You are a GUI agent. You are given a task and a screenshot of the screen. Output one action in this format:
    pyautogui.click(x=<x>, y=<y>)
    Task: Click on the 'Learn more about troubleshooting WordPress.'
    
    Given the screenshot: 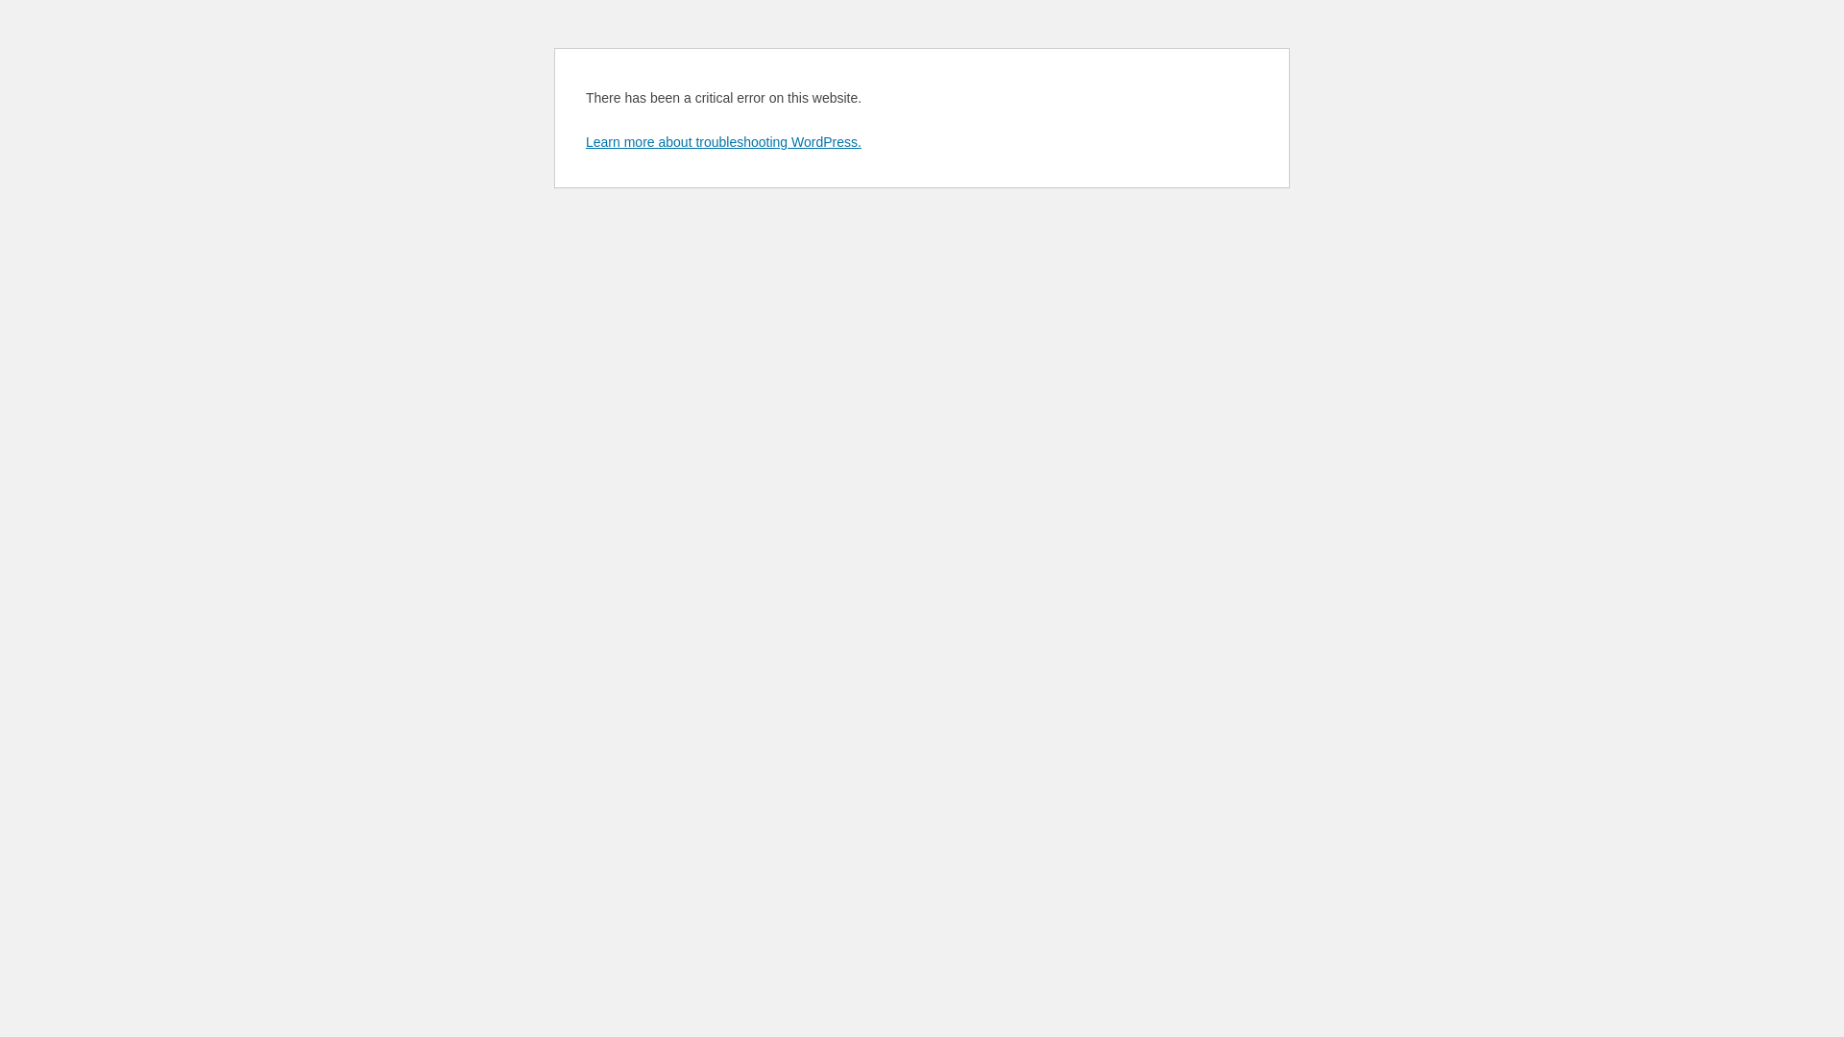 What is the action you would take?
    pyautogui.click(x=722, y=140)
    